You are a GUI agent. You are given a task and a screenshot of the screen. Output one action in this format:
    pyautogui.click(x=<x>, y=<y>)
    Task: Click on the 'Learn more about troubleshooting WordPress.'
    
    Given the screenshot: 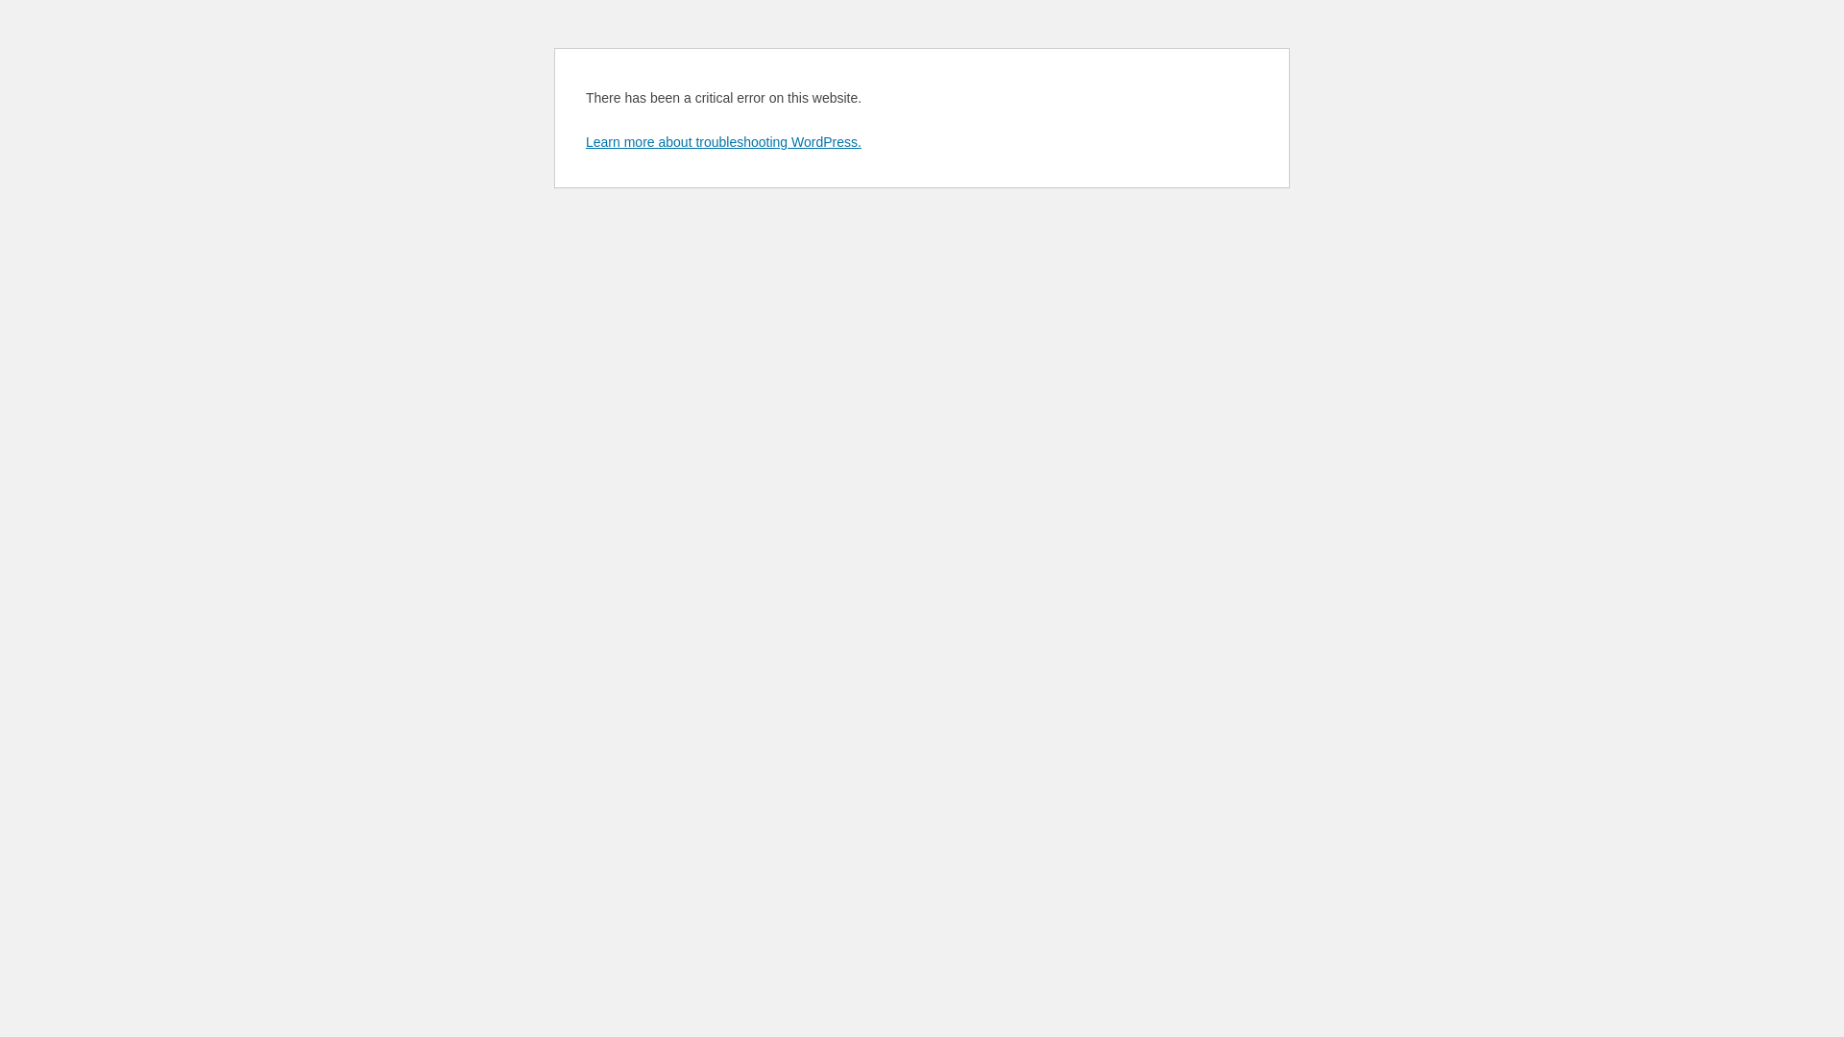 What is the action you would take?
    pyautogui.click(x=722, y=140)
    